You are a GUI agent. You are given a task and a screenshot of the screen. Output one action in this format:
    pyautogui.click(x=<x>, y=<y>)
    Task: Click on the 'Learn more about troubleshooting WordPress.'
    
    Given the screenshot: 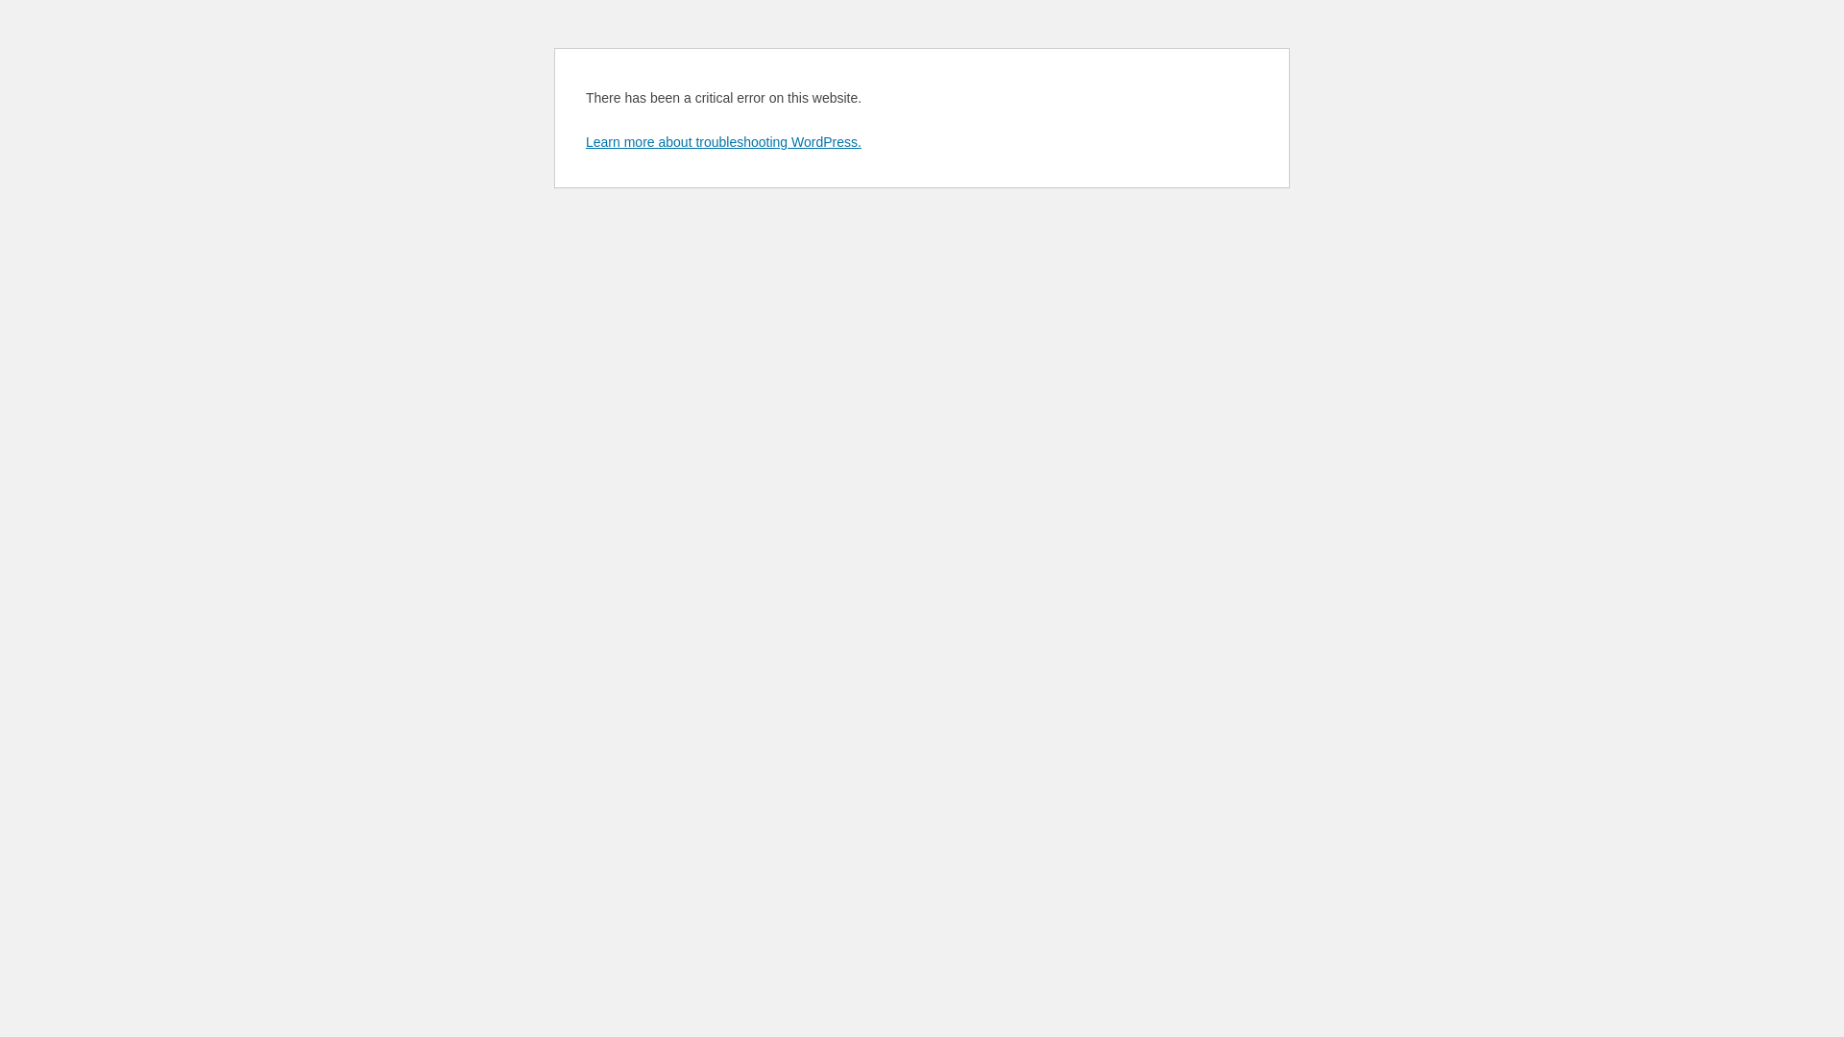 What is the action you would take?
    pyautogui.click(x=722, y=140)
    